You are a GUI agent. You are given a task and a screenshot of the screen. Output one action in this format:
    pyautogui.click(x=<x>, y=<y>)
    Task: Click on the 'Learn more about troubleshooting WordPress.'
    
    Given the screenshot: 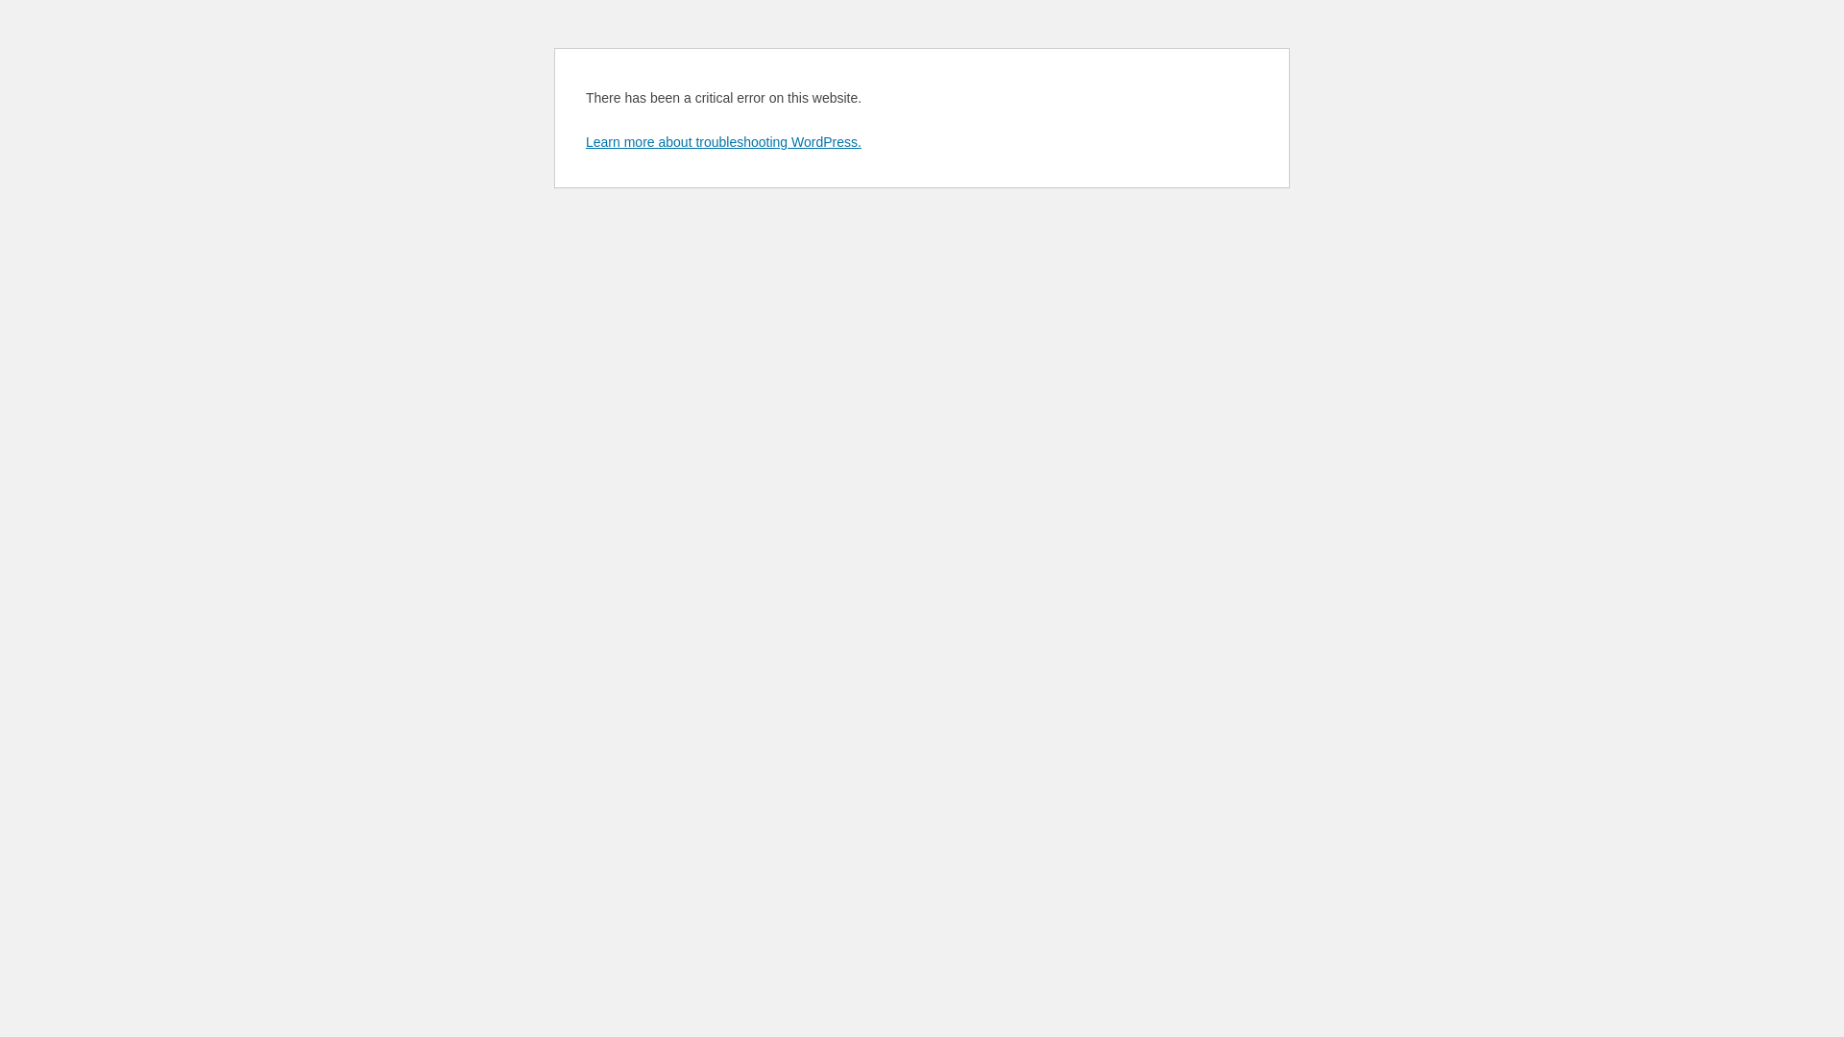 What is the action you would take?
    pyautogui.click(x=722, y=140)
    